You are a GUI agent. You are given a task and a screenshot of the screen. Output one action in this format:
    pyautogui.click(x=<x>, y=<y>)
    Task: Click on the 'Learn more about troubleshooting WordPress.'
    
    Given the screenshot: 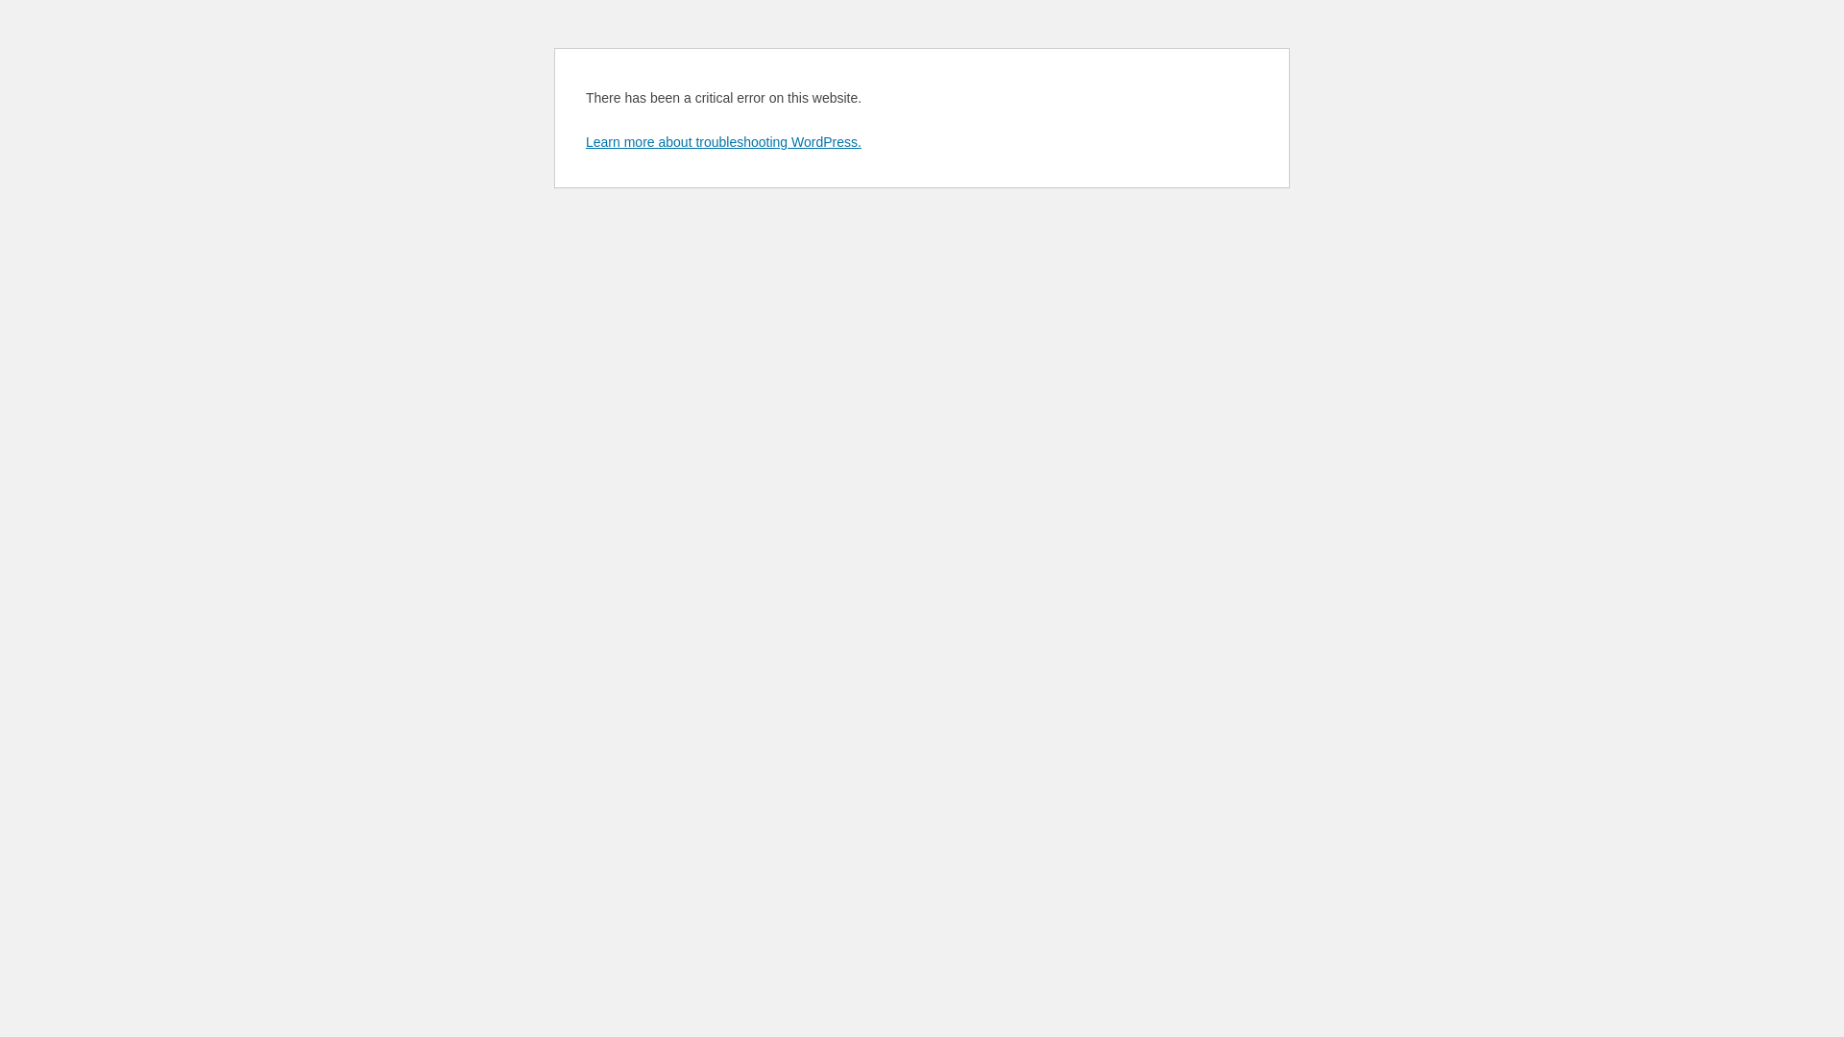 What is the action you would take?
    pyautogui.click(x=722, y=140)
    